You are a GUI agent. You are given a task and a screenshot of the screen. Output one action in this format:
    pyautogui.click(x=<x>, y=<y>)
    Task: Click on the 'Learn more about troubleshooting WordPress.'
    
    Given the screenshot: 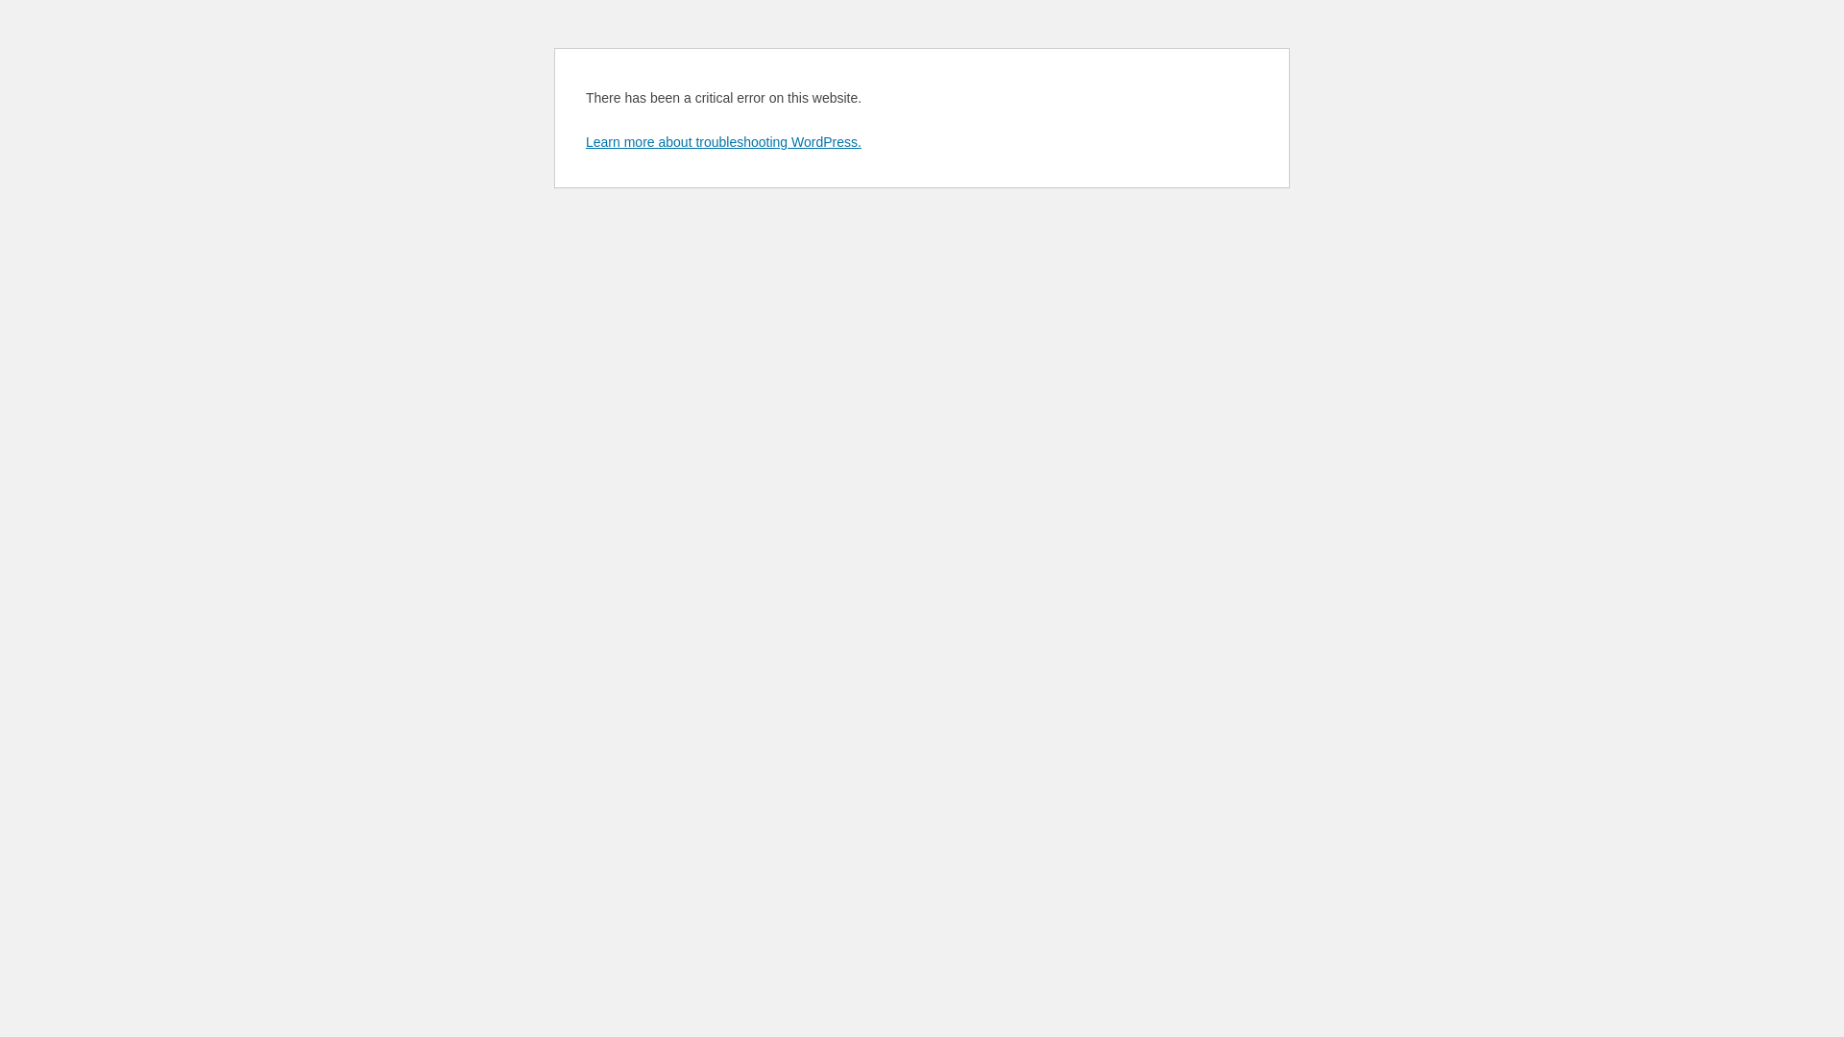 What is the action you would take?
    pyautogui.click(x=722, y=140)
    